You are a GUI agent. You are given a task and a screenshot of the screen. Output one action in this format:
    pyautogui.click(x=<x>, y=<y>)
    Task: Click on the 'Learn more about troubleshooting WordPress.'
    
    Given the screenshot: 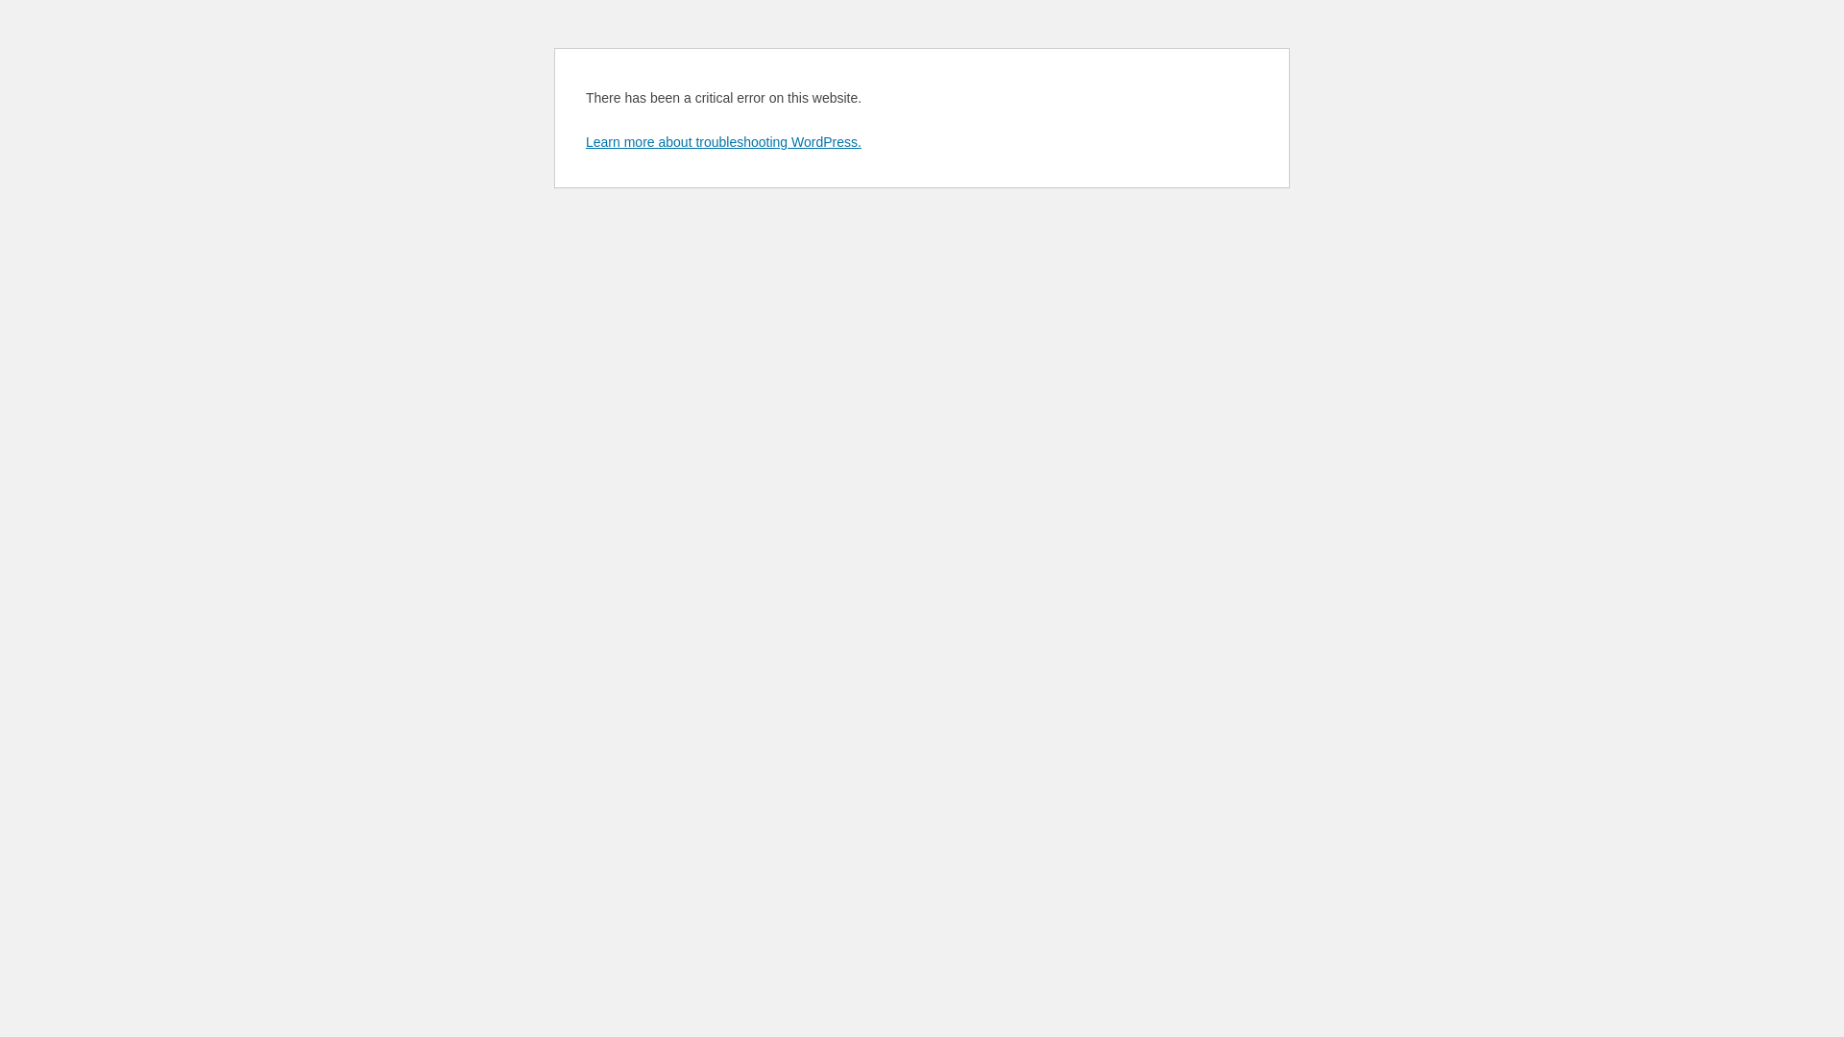 What is the action you would take?
    pyautogui.click(x=722, y=140)
    